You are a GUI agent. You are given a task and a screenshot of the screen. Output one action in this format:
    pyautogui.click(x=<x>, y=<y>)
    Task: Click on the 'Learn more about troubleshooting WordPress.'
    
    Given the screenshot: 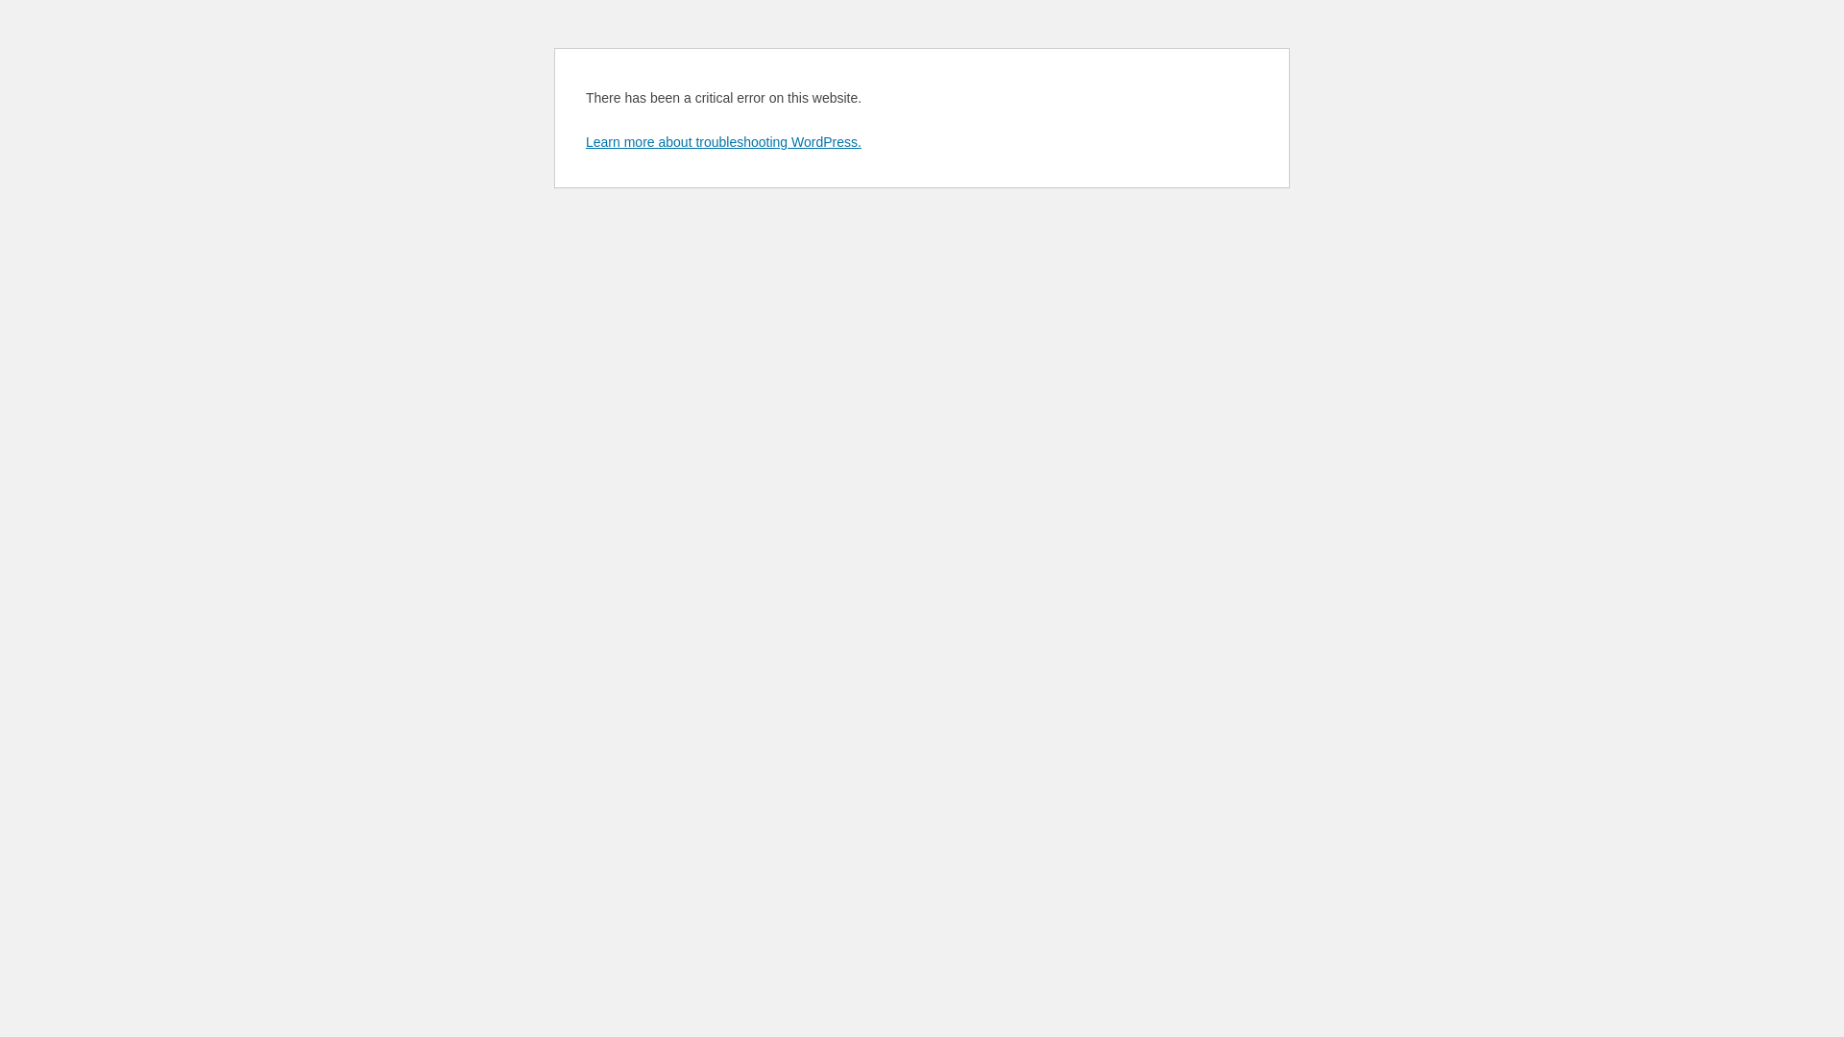 What is the action you would take?
    pyautogui.click(x=722, y=140)
    